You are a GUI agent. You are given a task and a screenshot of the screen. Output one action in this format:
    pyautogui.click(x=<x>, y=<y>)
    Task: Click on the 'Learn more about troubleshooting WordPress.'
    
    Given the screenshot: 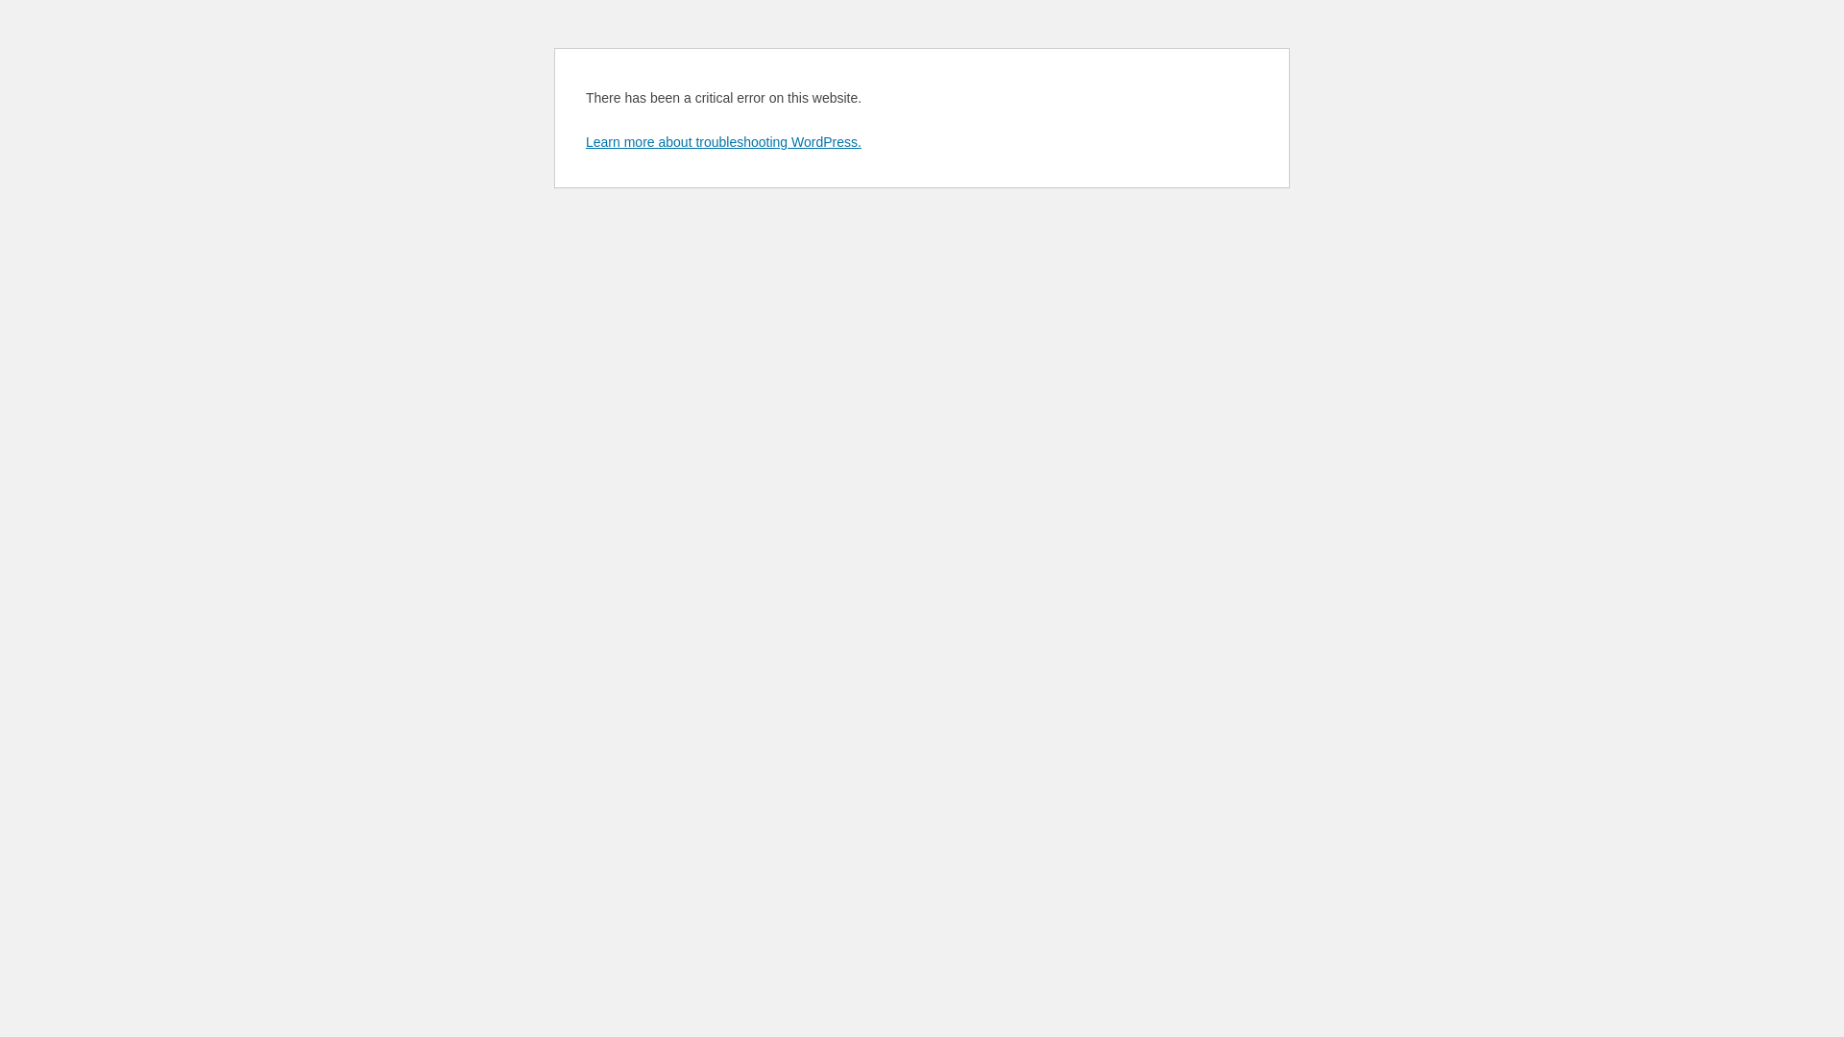 What is the action you would take?
    pyautogui.click(x=722, y=140)
    